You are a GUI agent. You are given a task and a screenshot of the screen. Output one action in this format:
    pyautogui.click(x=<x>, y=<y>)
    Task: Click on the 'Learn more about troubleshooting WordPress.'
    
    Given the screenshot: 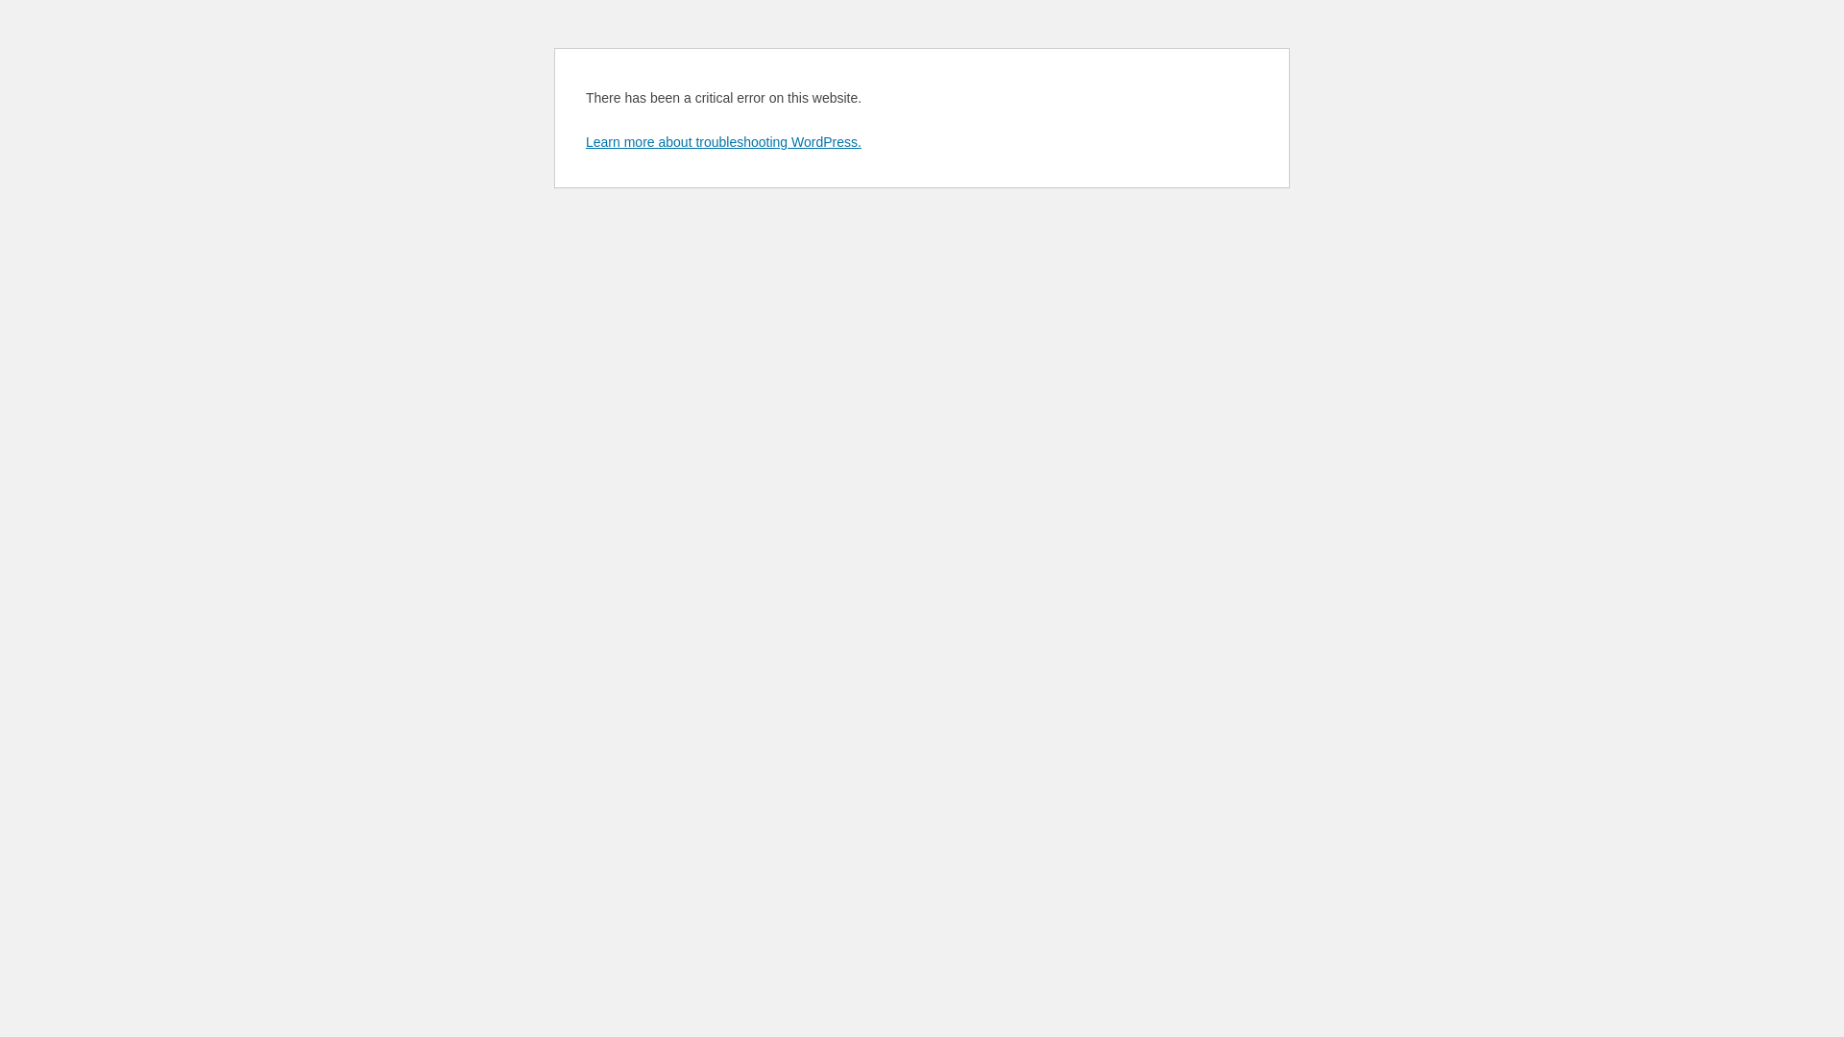 What is the action you would take?
    pyautogui.click(x=722, y=140)
    